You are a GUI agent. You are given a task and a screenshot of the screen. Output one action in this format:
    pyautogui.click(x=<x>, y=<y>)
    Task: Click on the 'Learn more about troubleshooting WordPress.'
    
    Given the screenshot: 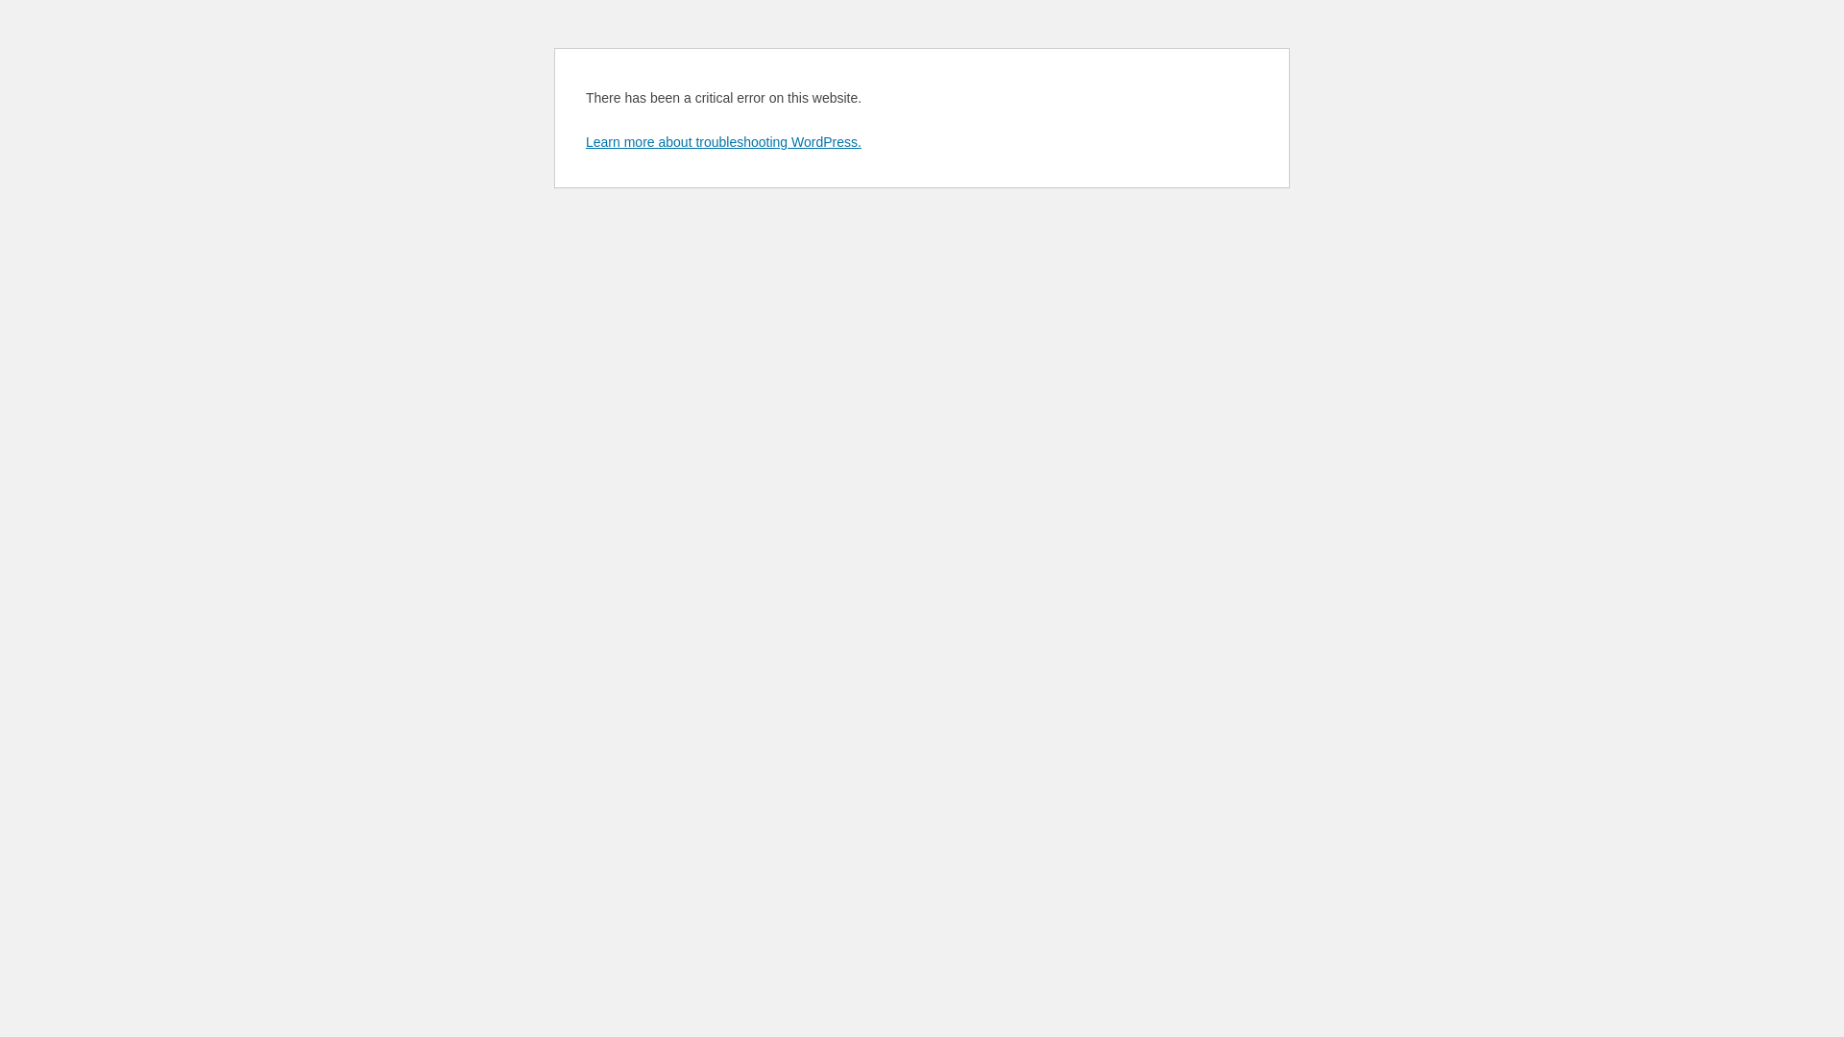 What is the action you would take?
    pyautogui.click(x=722, y=140)
    